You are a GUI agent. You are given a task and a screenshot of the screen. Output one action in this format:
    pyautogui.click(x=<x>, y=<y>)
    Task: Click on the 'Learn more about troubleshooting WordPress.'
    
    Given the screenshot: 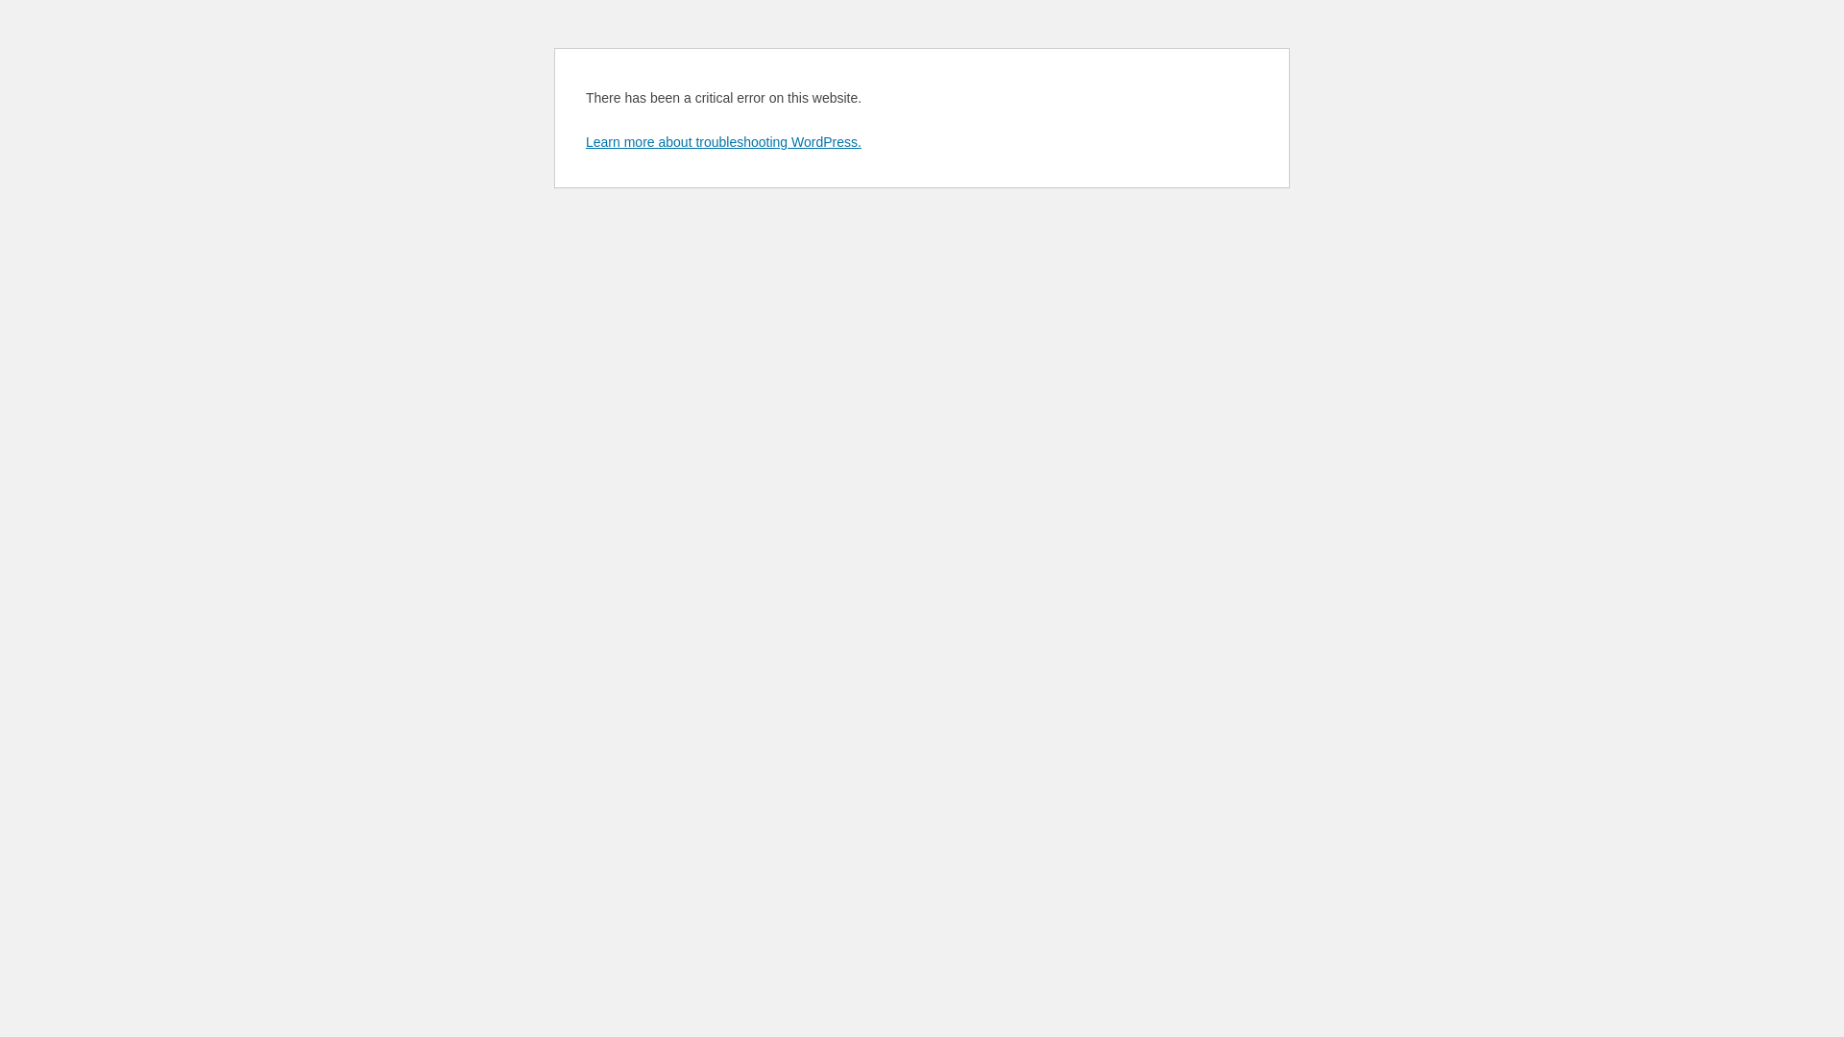 What is the action you would take?
    pyautogui.click(x=722, y=140)
    